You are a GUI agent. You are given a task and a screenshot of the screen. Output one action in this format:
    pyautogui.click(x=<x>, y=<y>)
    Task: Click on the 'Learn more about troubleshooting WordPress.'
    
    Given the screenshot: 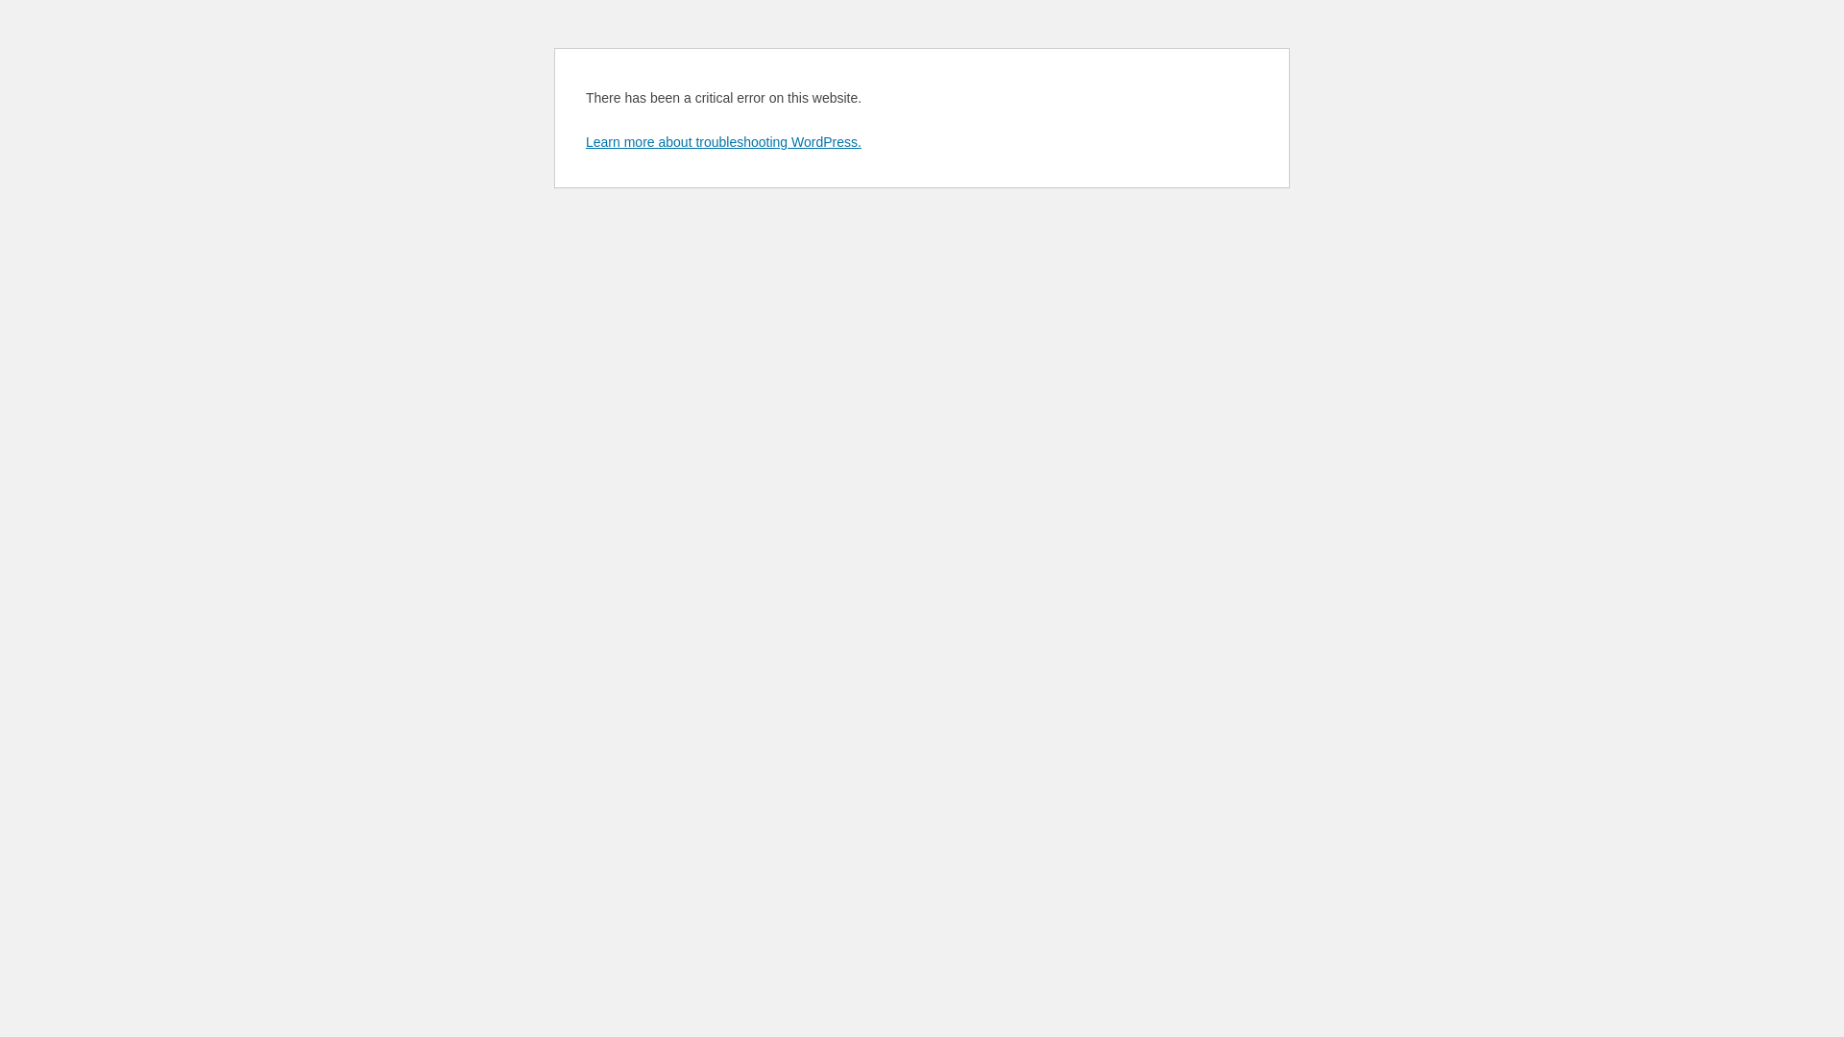 What is the action you would take?
    pyautogui.click(x=722, y=140)
    